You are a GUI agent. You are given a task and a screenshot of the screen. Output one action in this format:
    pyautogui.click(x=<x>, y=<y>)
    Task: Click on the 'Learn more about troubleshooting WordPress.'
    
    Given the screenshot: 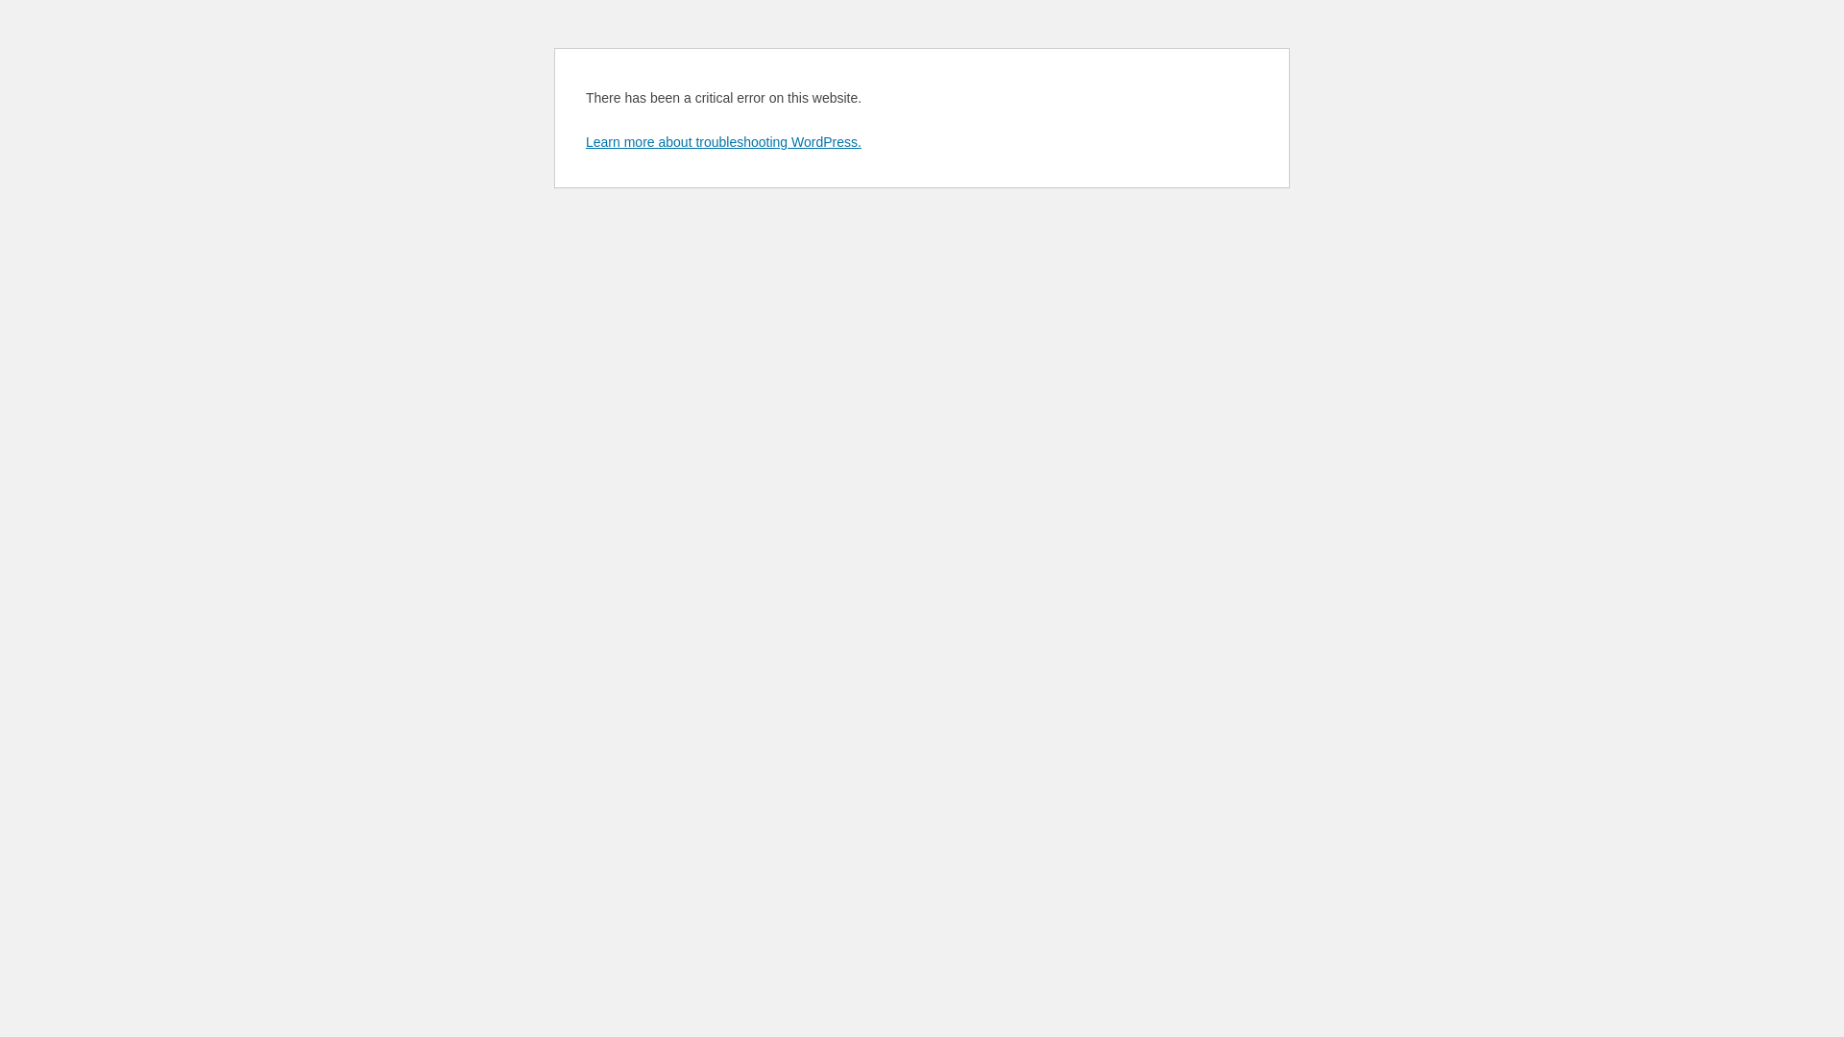 What is the action you would take?
    pyautogui.click(x=722, y=140)
    